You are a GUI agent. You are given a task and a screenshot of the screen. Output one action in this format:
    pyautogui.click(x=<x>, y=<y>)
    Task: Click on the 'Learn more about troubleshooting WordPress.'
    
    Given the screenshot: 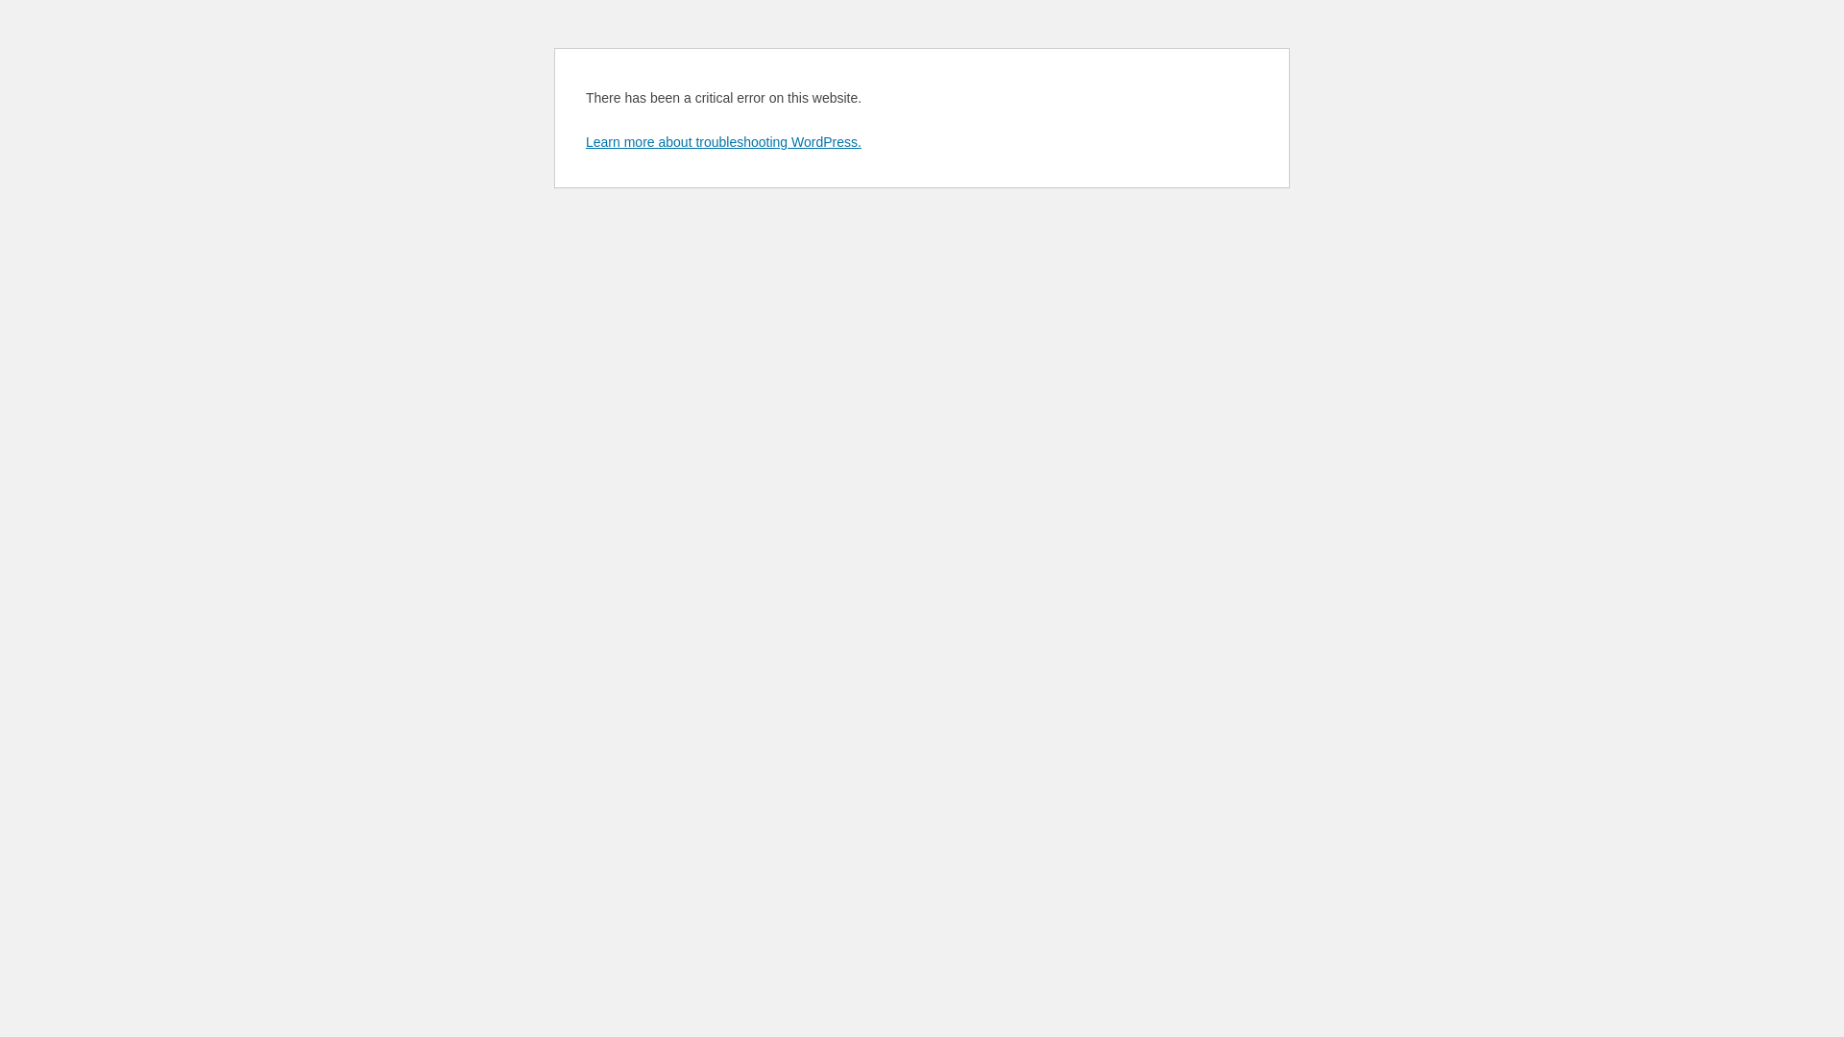 What is the action you would take?
    pyautogui.click(x=722, y=140)
    